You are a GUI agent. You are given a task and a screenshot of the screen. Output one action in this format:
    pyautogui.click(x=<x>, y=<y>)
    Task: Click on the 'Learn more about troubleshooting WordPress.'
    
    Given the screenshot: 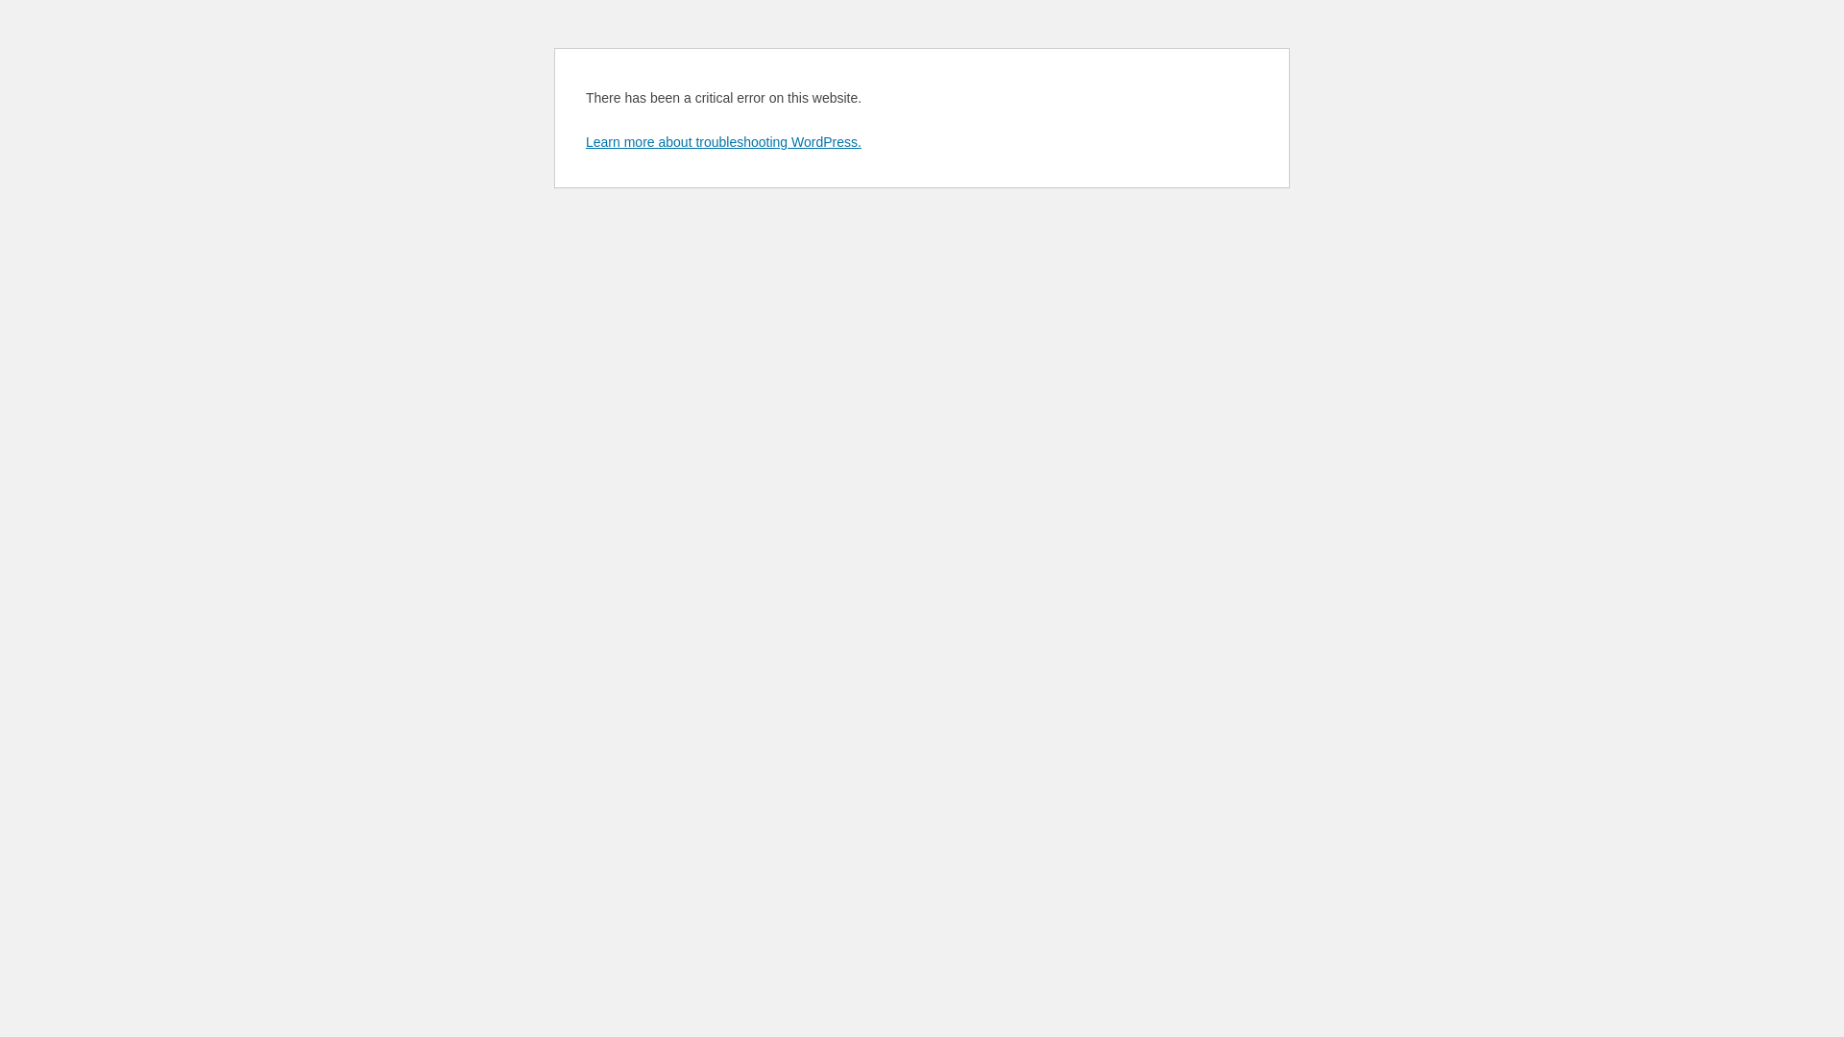 What is the action you would take?
    pyautogui.click(x=722, y=140)
    